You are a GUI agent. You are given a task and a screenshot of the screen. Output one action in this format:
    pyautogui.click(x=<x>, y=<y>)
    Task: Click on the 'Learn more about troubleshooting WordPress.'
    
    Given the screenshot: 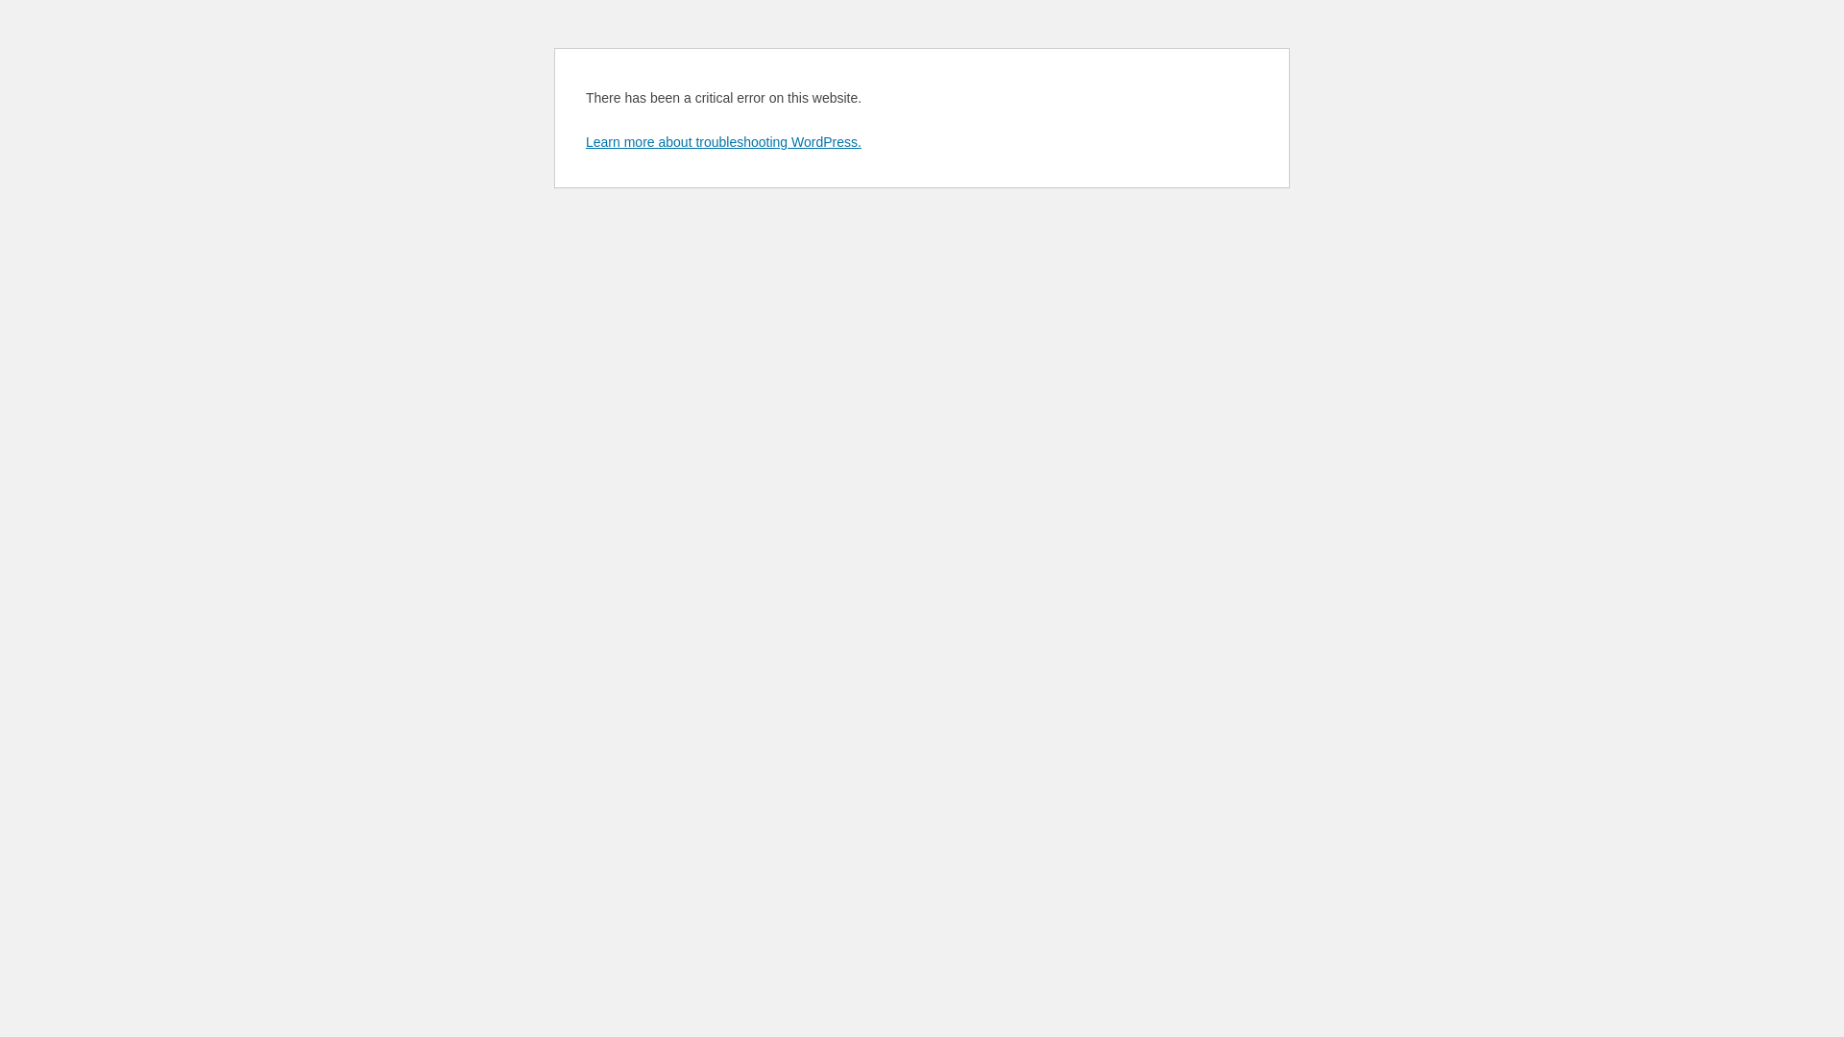 What is the action you would take?
    pyautogui.click(x=722, y=140)
    